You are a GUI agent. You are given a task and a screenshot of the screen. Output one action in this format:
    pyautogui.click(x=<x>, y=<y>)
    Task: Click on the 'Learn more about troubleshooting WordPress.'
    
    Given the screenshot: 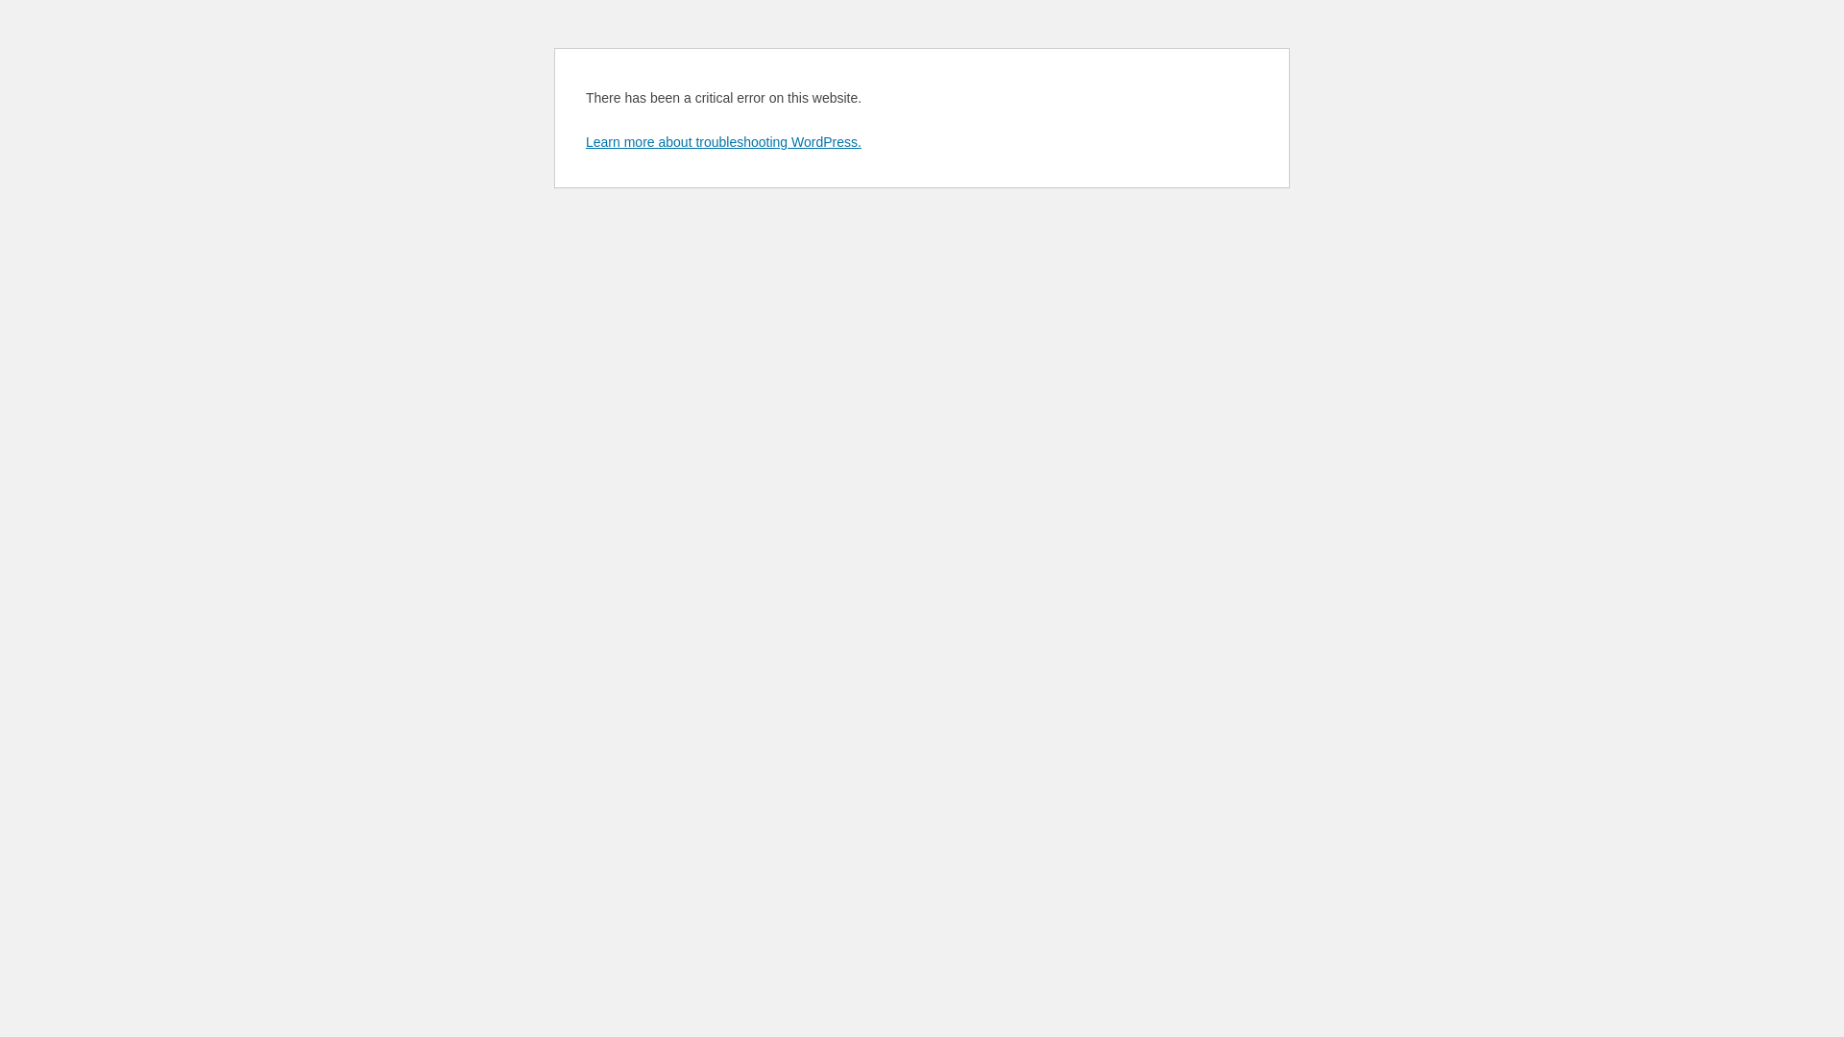 What is the action you would take?
    pyautogui.click(x=722, y=140)
    